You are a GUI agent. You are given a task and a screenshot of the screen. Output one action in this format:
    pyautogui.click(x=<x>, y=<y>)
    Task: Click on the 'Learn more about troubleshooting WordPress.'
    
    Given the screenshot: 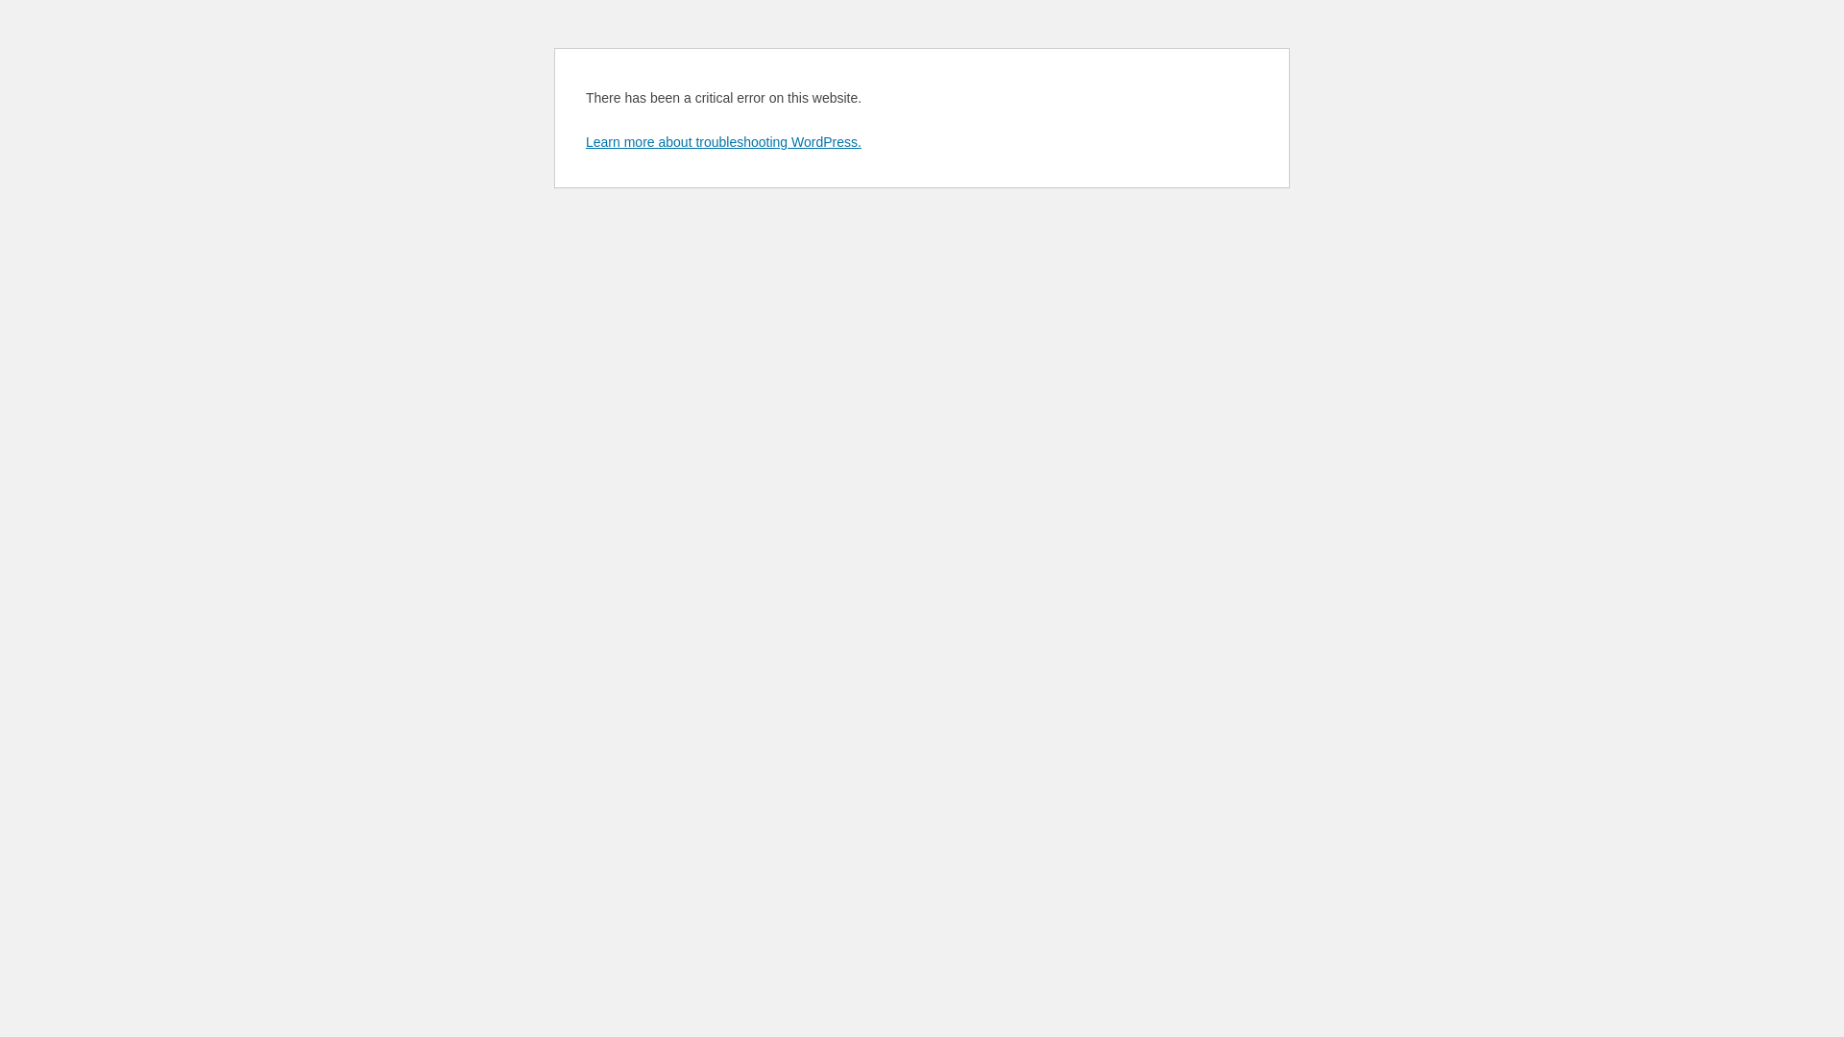 What is the action you would take?
    pyautogui.click(x=722, y=140)
    